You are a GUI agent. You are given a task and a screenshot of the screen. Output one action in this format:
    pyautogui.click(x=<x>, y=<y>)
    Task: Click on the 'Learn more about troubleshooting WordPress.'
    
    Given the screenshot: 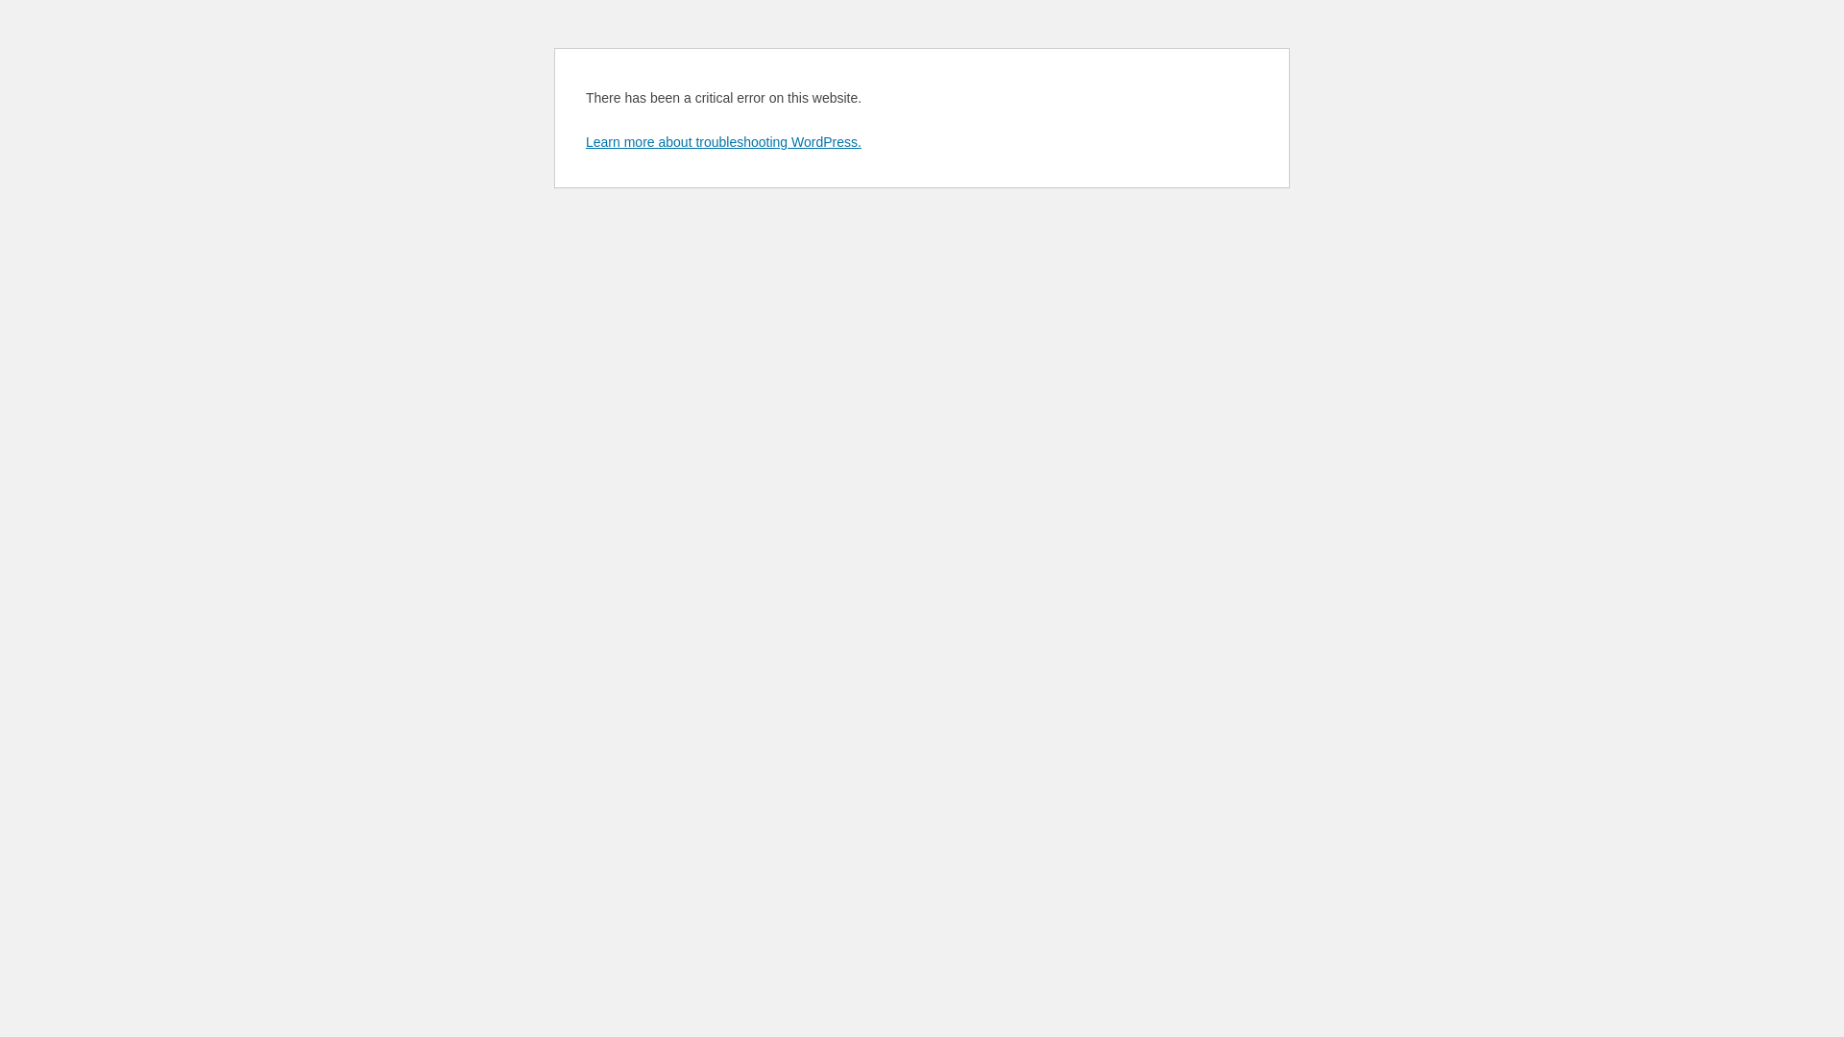 What is the action you would take?
    pyautogui.click(x=722, y=140)
    